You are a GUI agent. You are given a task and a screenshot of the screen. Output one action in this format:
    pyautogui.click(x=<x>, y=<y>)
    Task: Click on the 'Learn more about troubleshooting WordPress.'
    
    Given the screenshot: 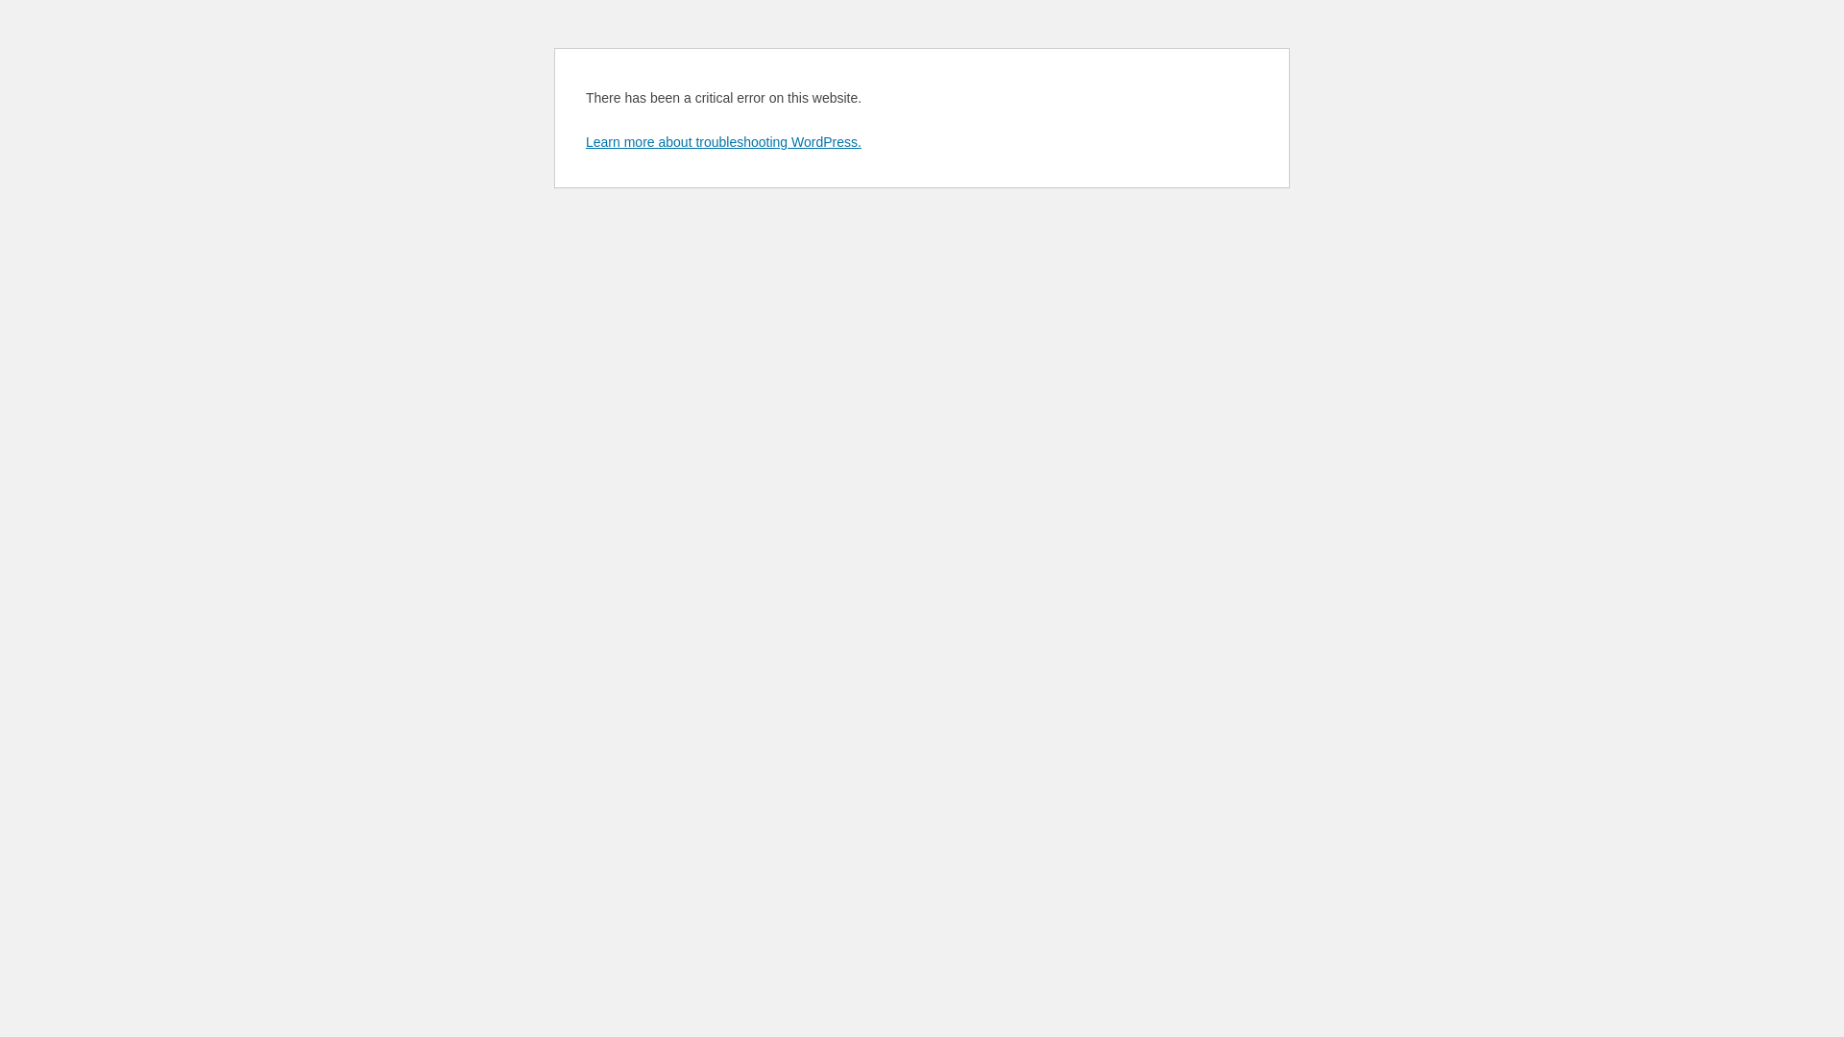 What is the action you would take?
    pyautogui.click(x=722, y=140)
    